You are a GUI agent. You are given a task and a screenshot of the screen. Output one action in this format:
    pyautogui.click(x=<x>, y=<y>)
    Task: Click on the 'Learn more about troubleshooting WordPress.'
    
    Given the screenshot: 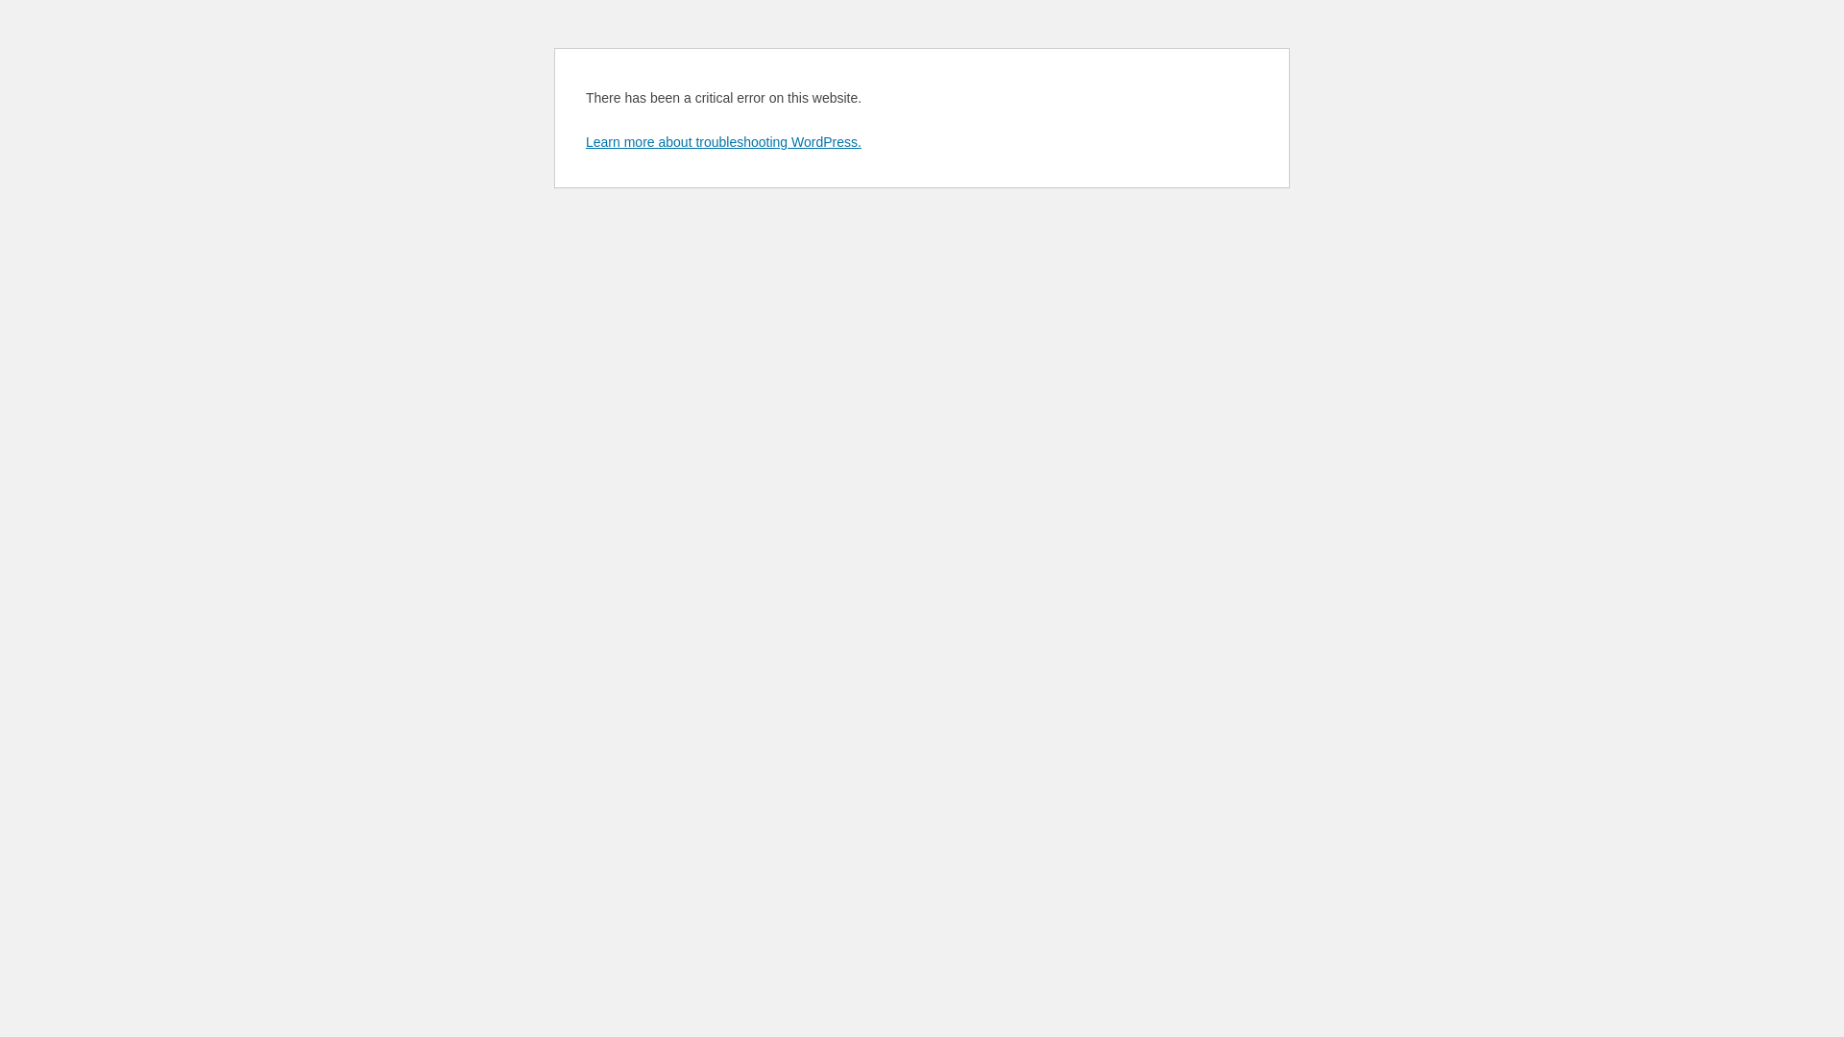 What is the action you would take?
    pyautogui.click(x=722, y=140)
    